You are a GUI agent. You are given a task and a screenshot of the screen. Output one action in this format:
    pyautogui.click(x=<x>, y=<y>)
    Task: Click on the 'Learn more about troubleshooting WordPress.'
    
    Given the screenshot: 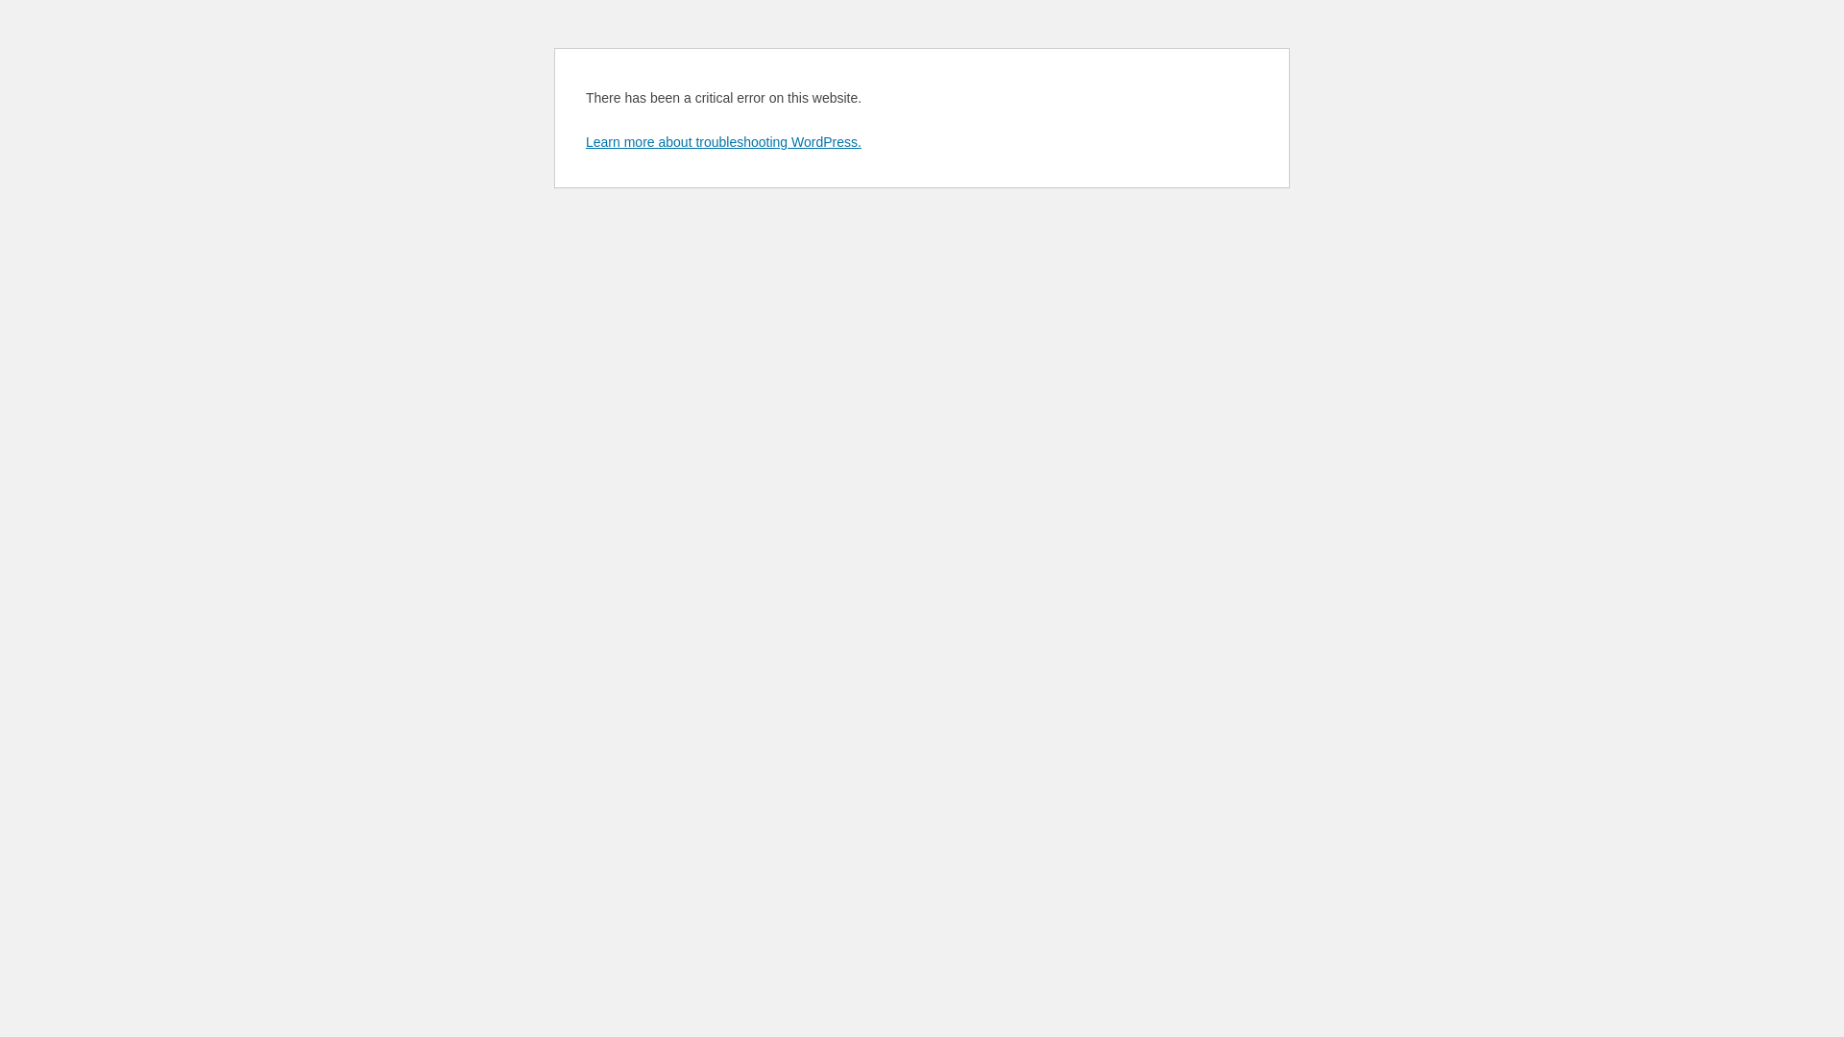 What is the action you would take?
    pyautogui.click(x=722, y=140)
    